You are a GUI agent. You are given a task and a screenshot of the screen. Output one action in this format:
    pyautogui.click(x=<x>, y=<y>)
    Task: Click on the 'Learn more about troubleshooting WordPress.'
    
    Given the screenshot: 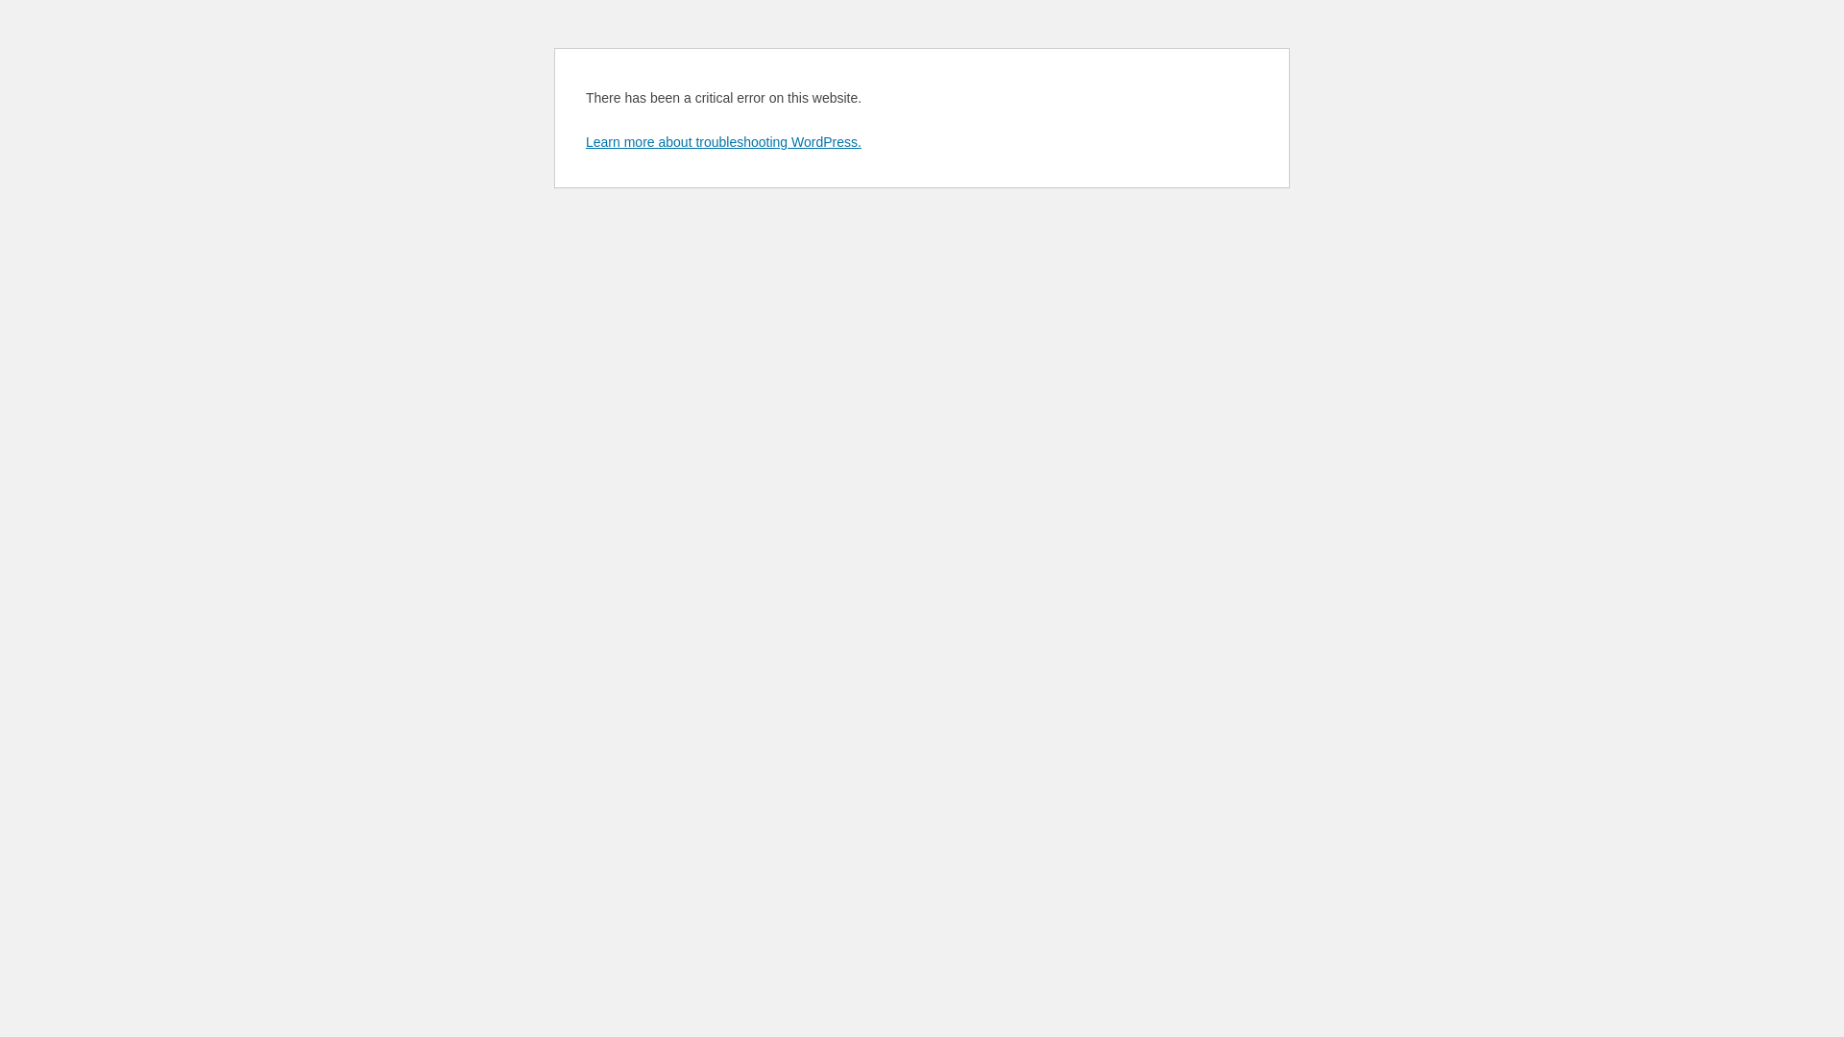 What is the action you would take?
    pyautogui.click(x=722, y=140)
    